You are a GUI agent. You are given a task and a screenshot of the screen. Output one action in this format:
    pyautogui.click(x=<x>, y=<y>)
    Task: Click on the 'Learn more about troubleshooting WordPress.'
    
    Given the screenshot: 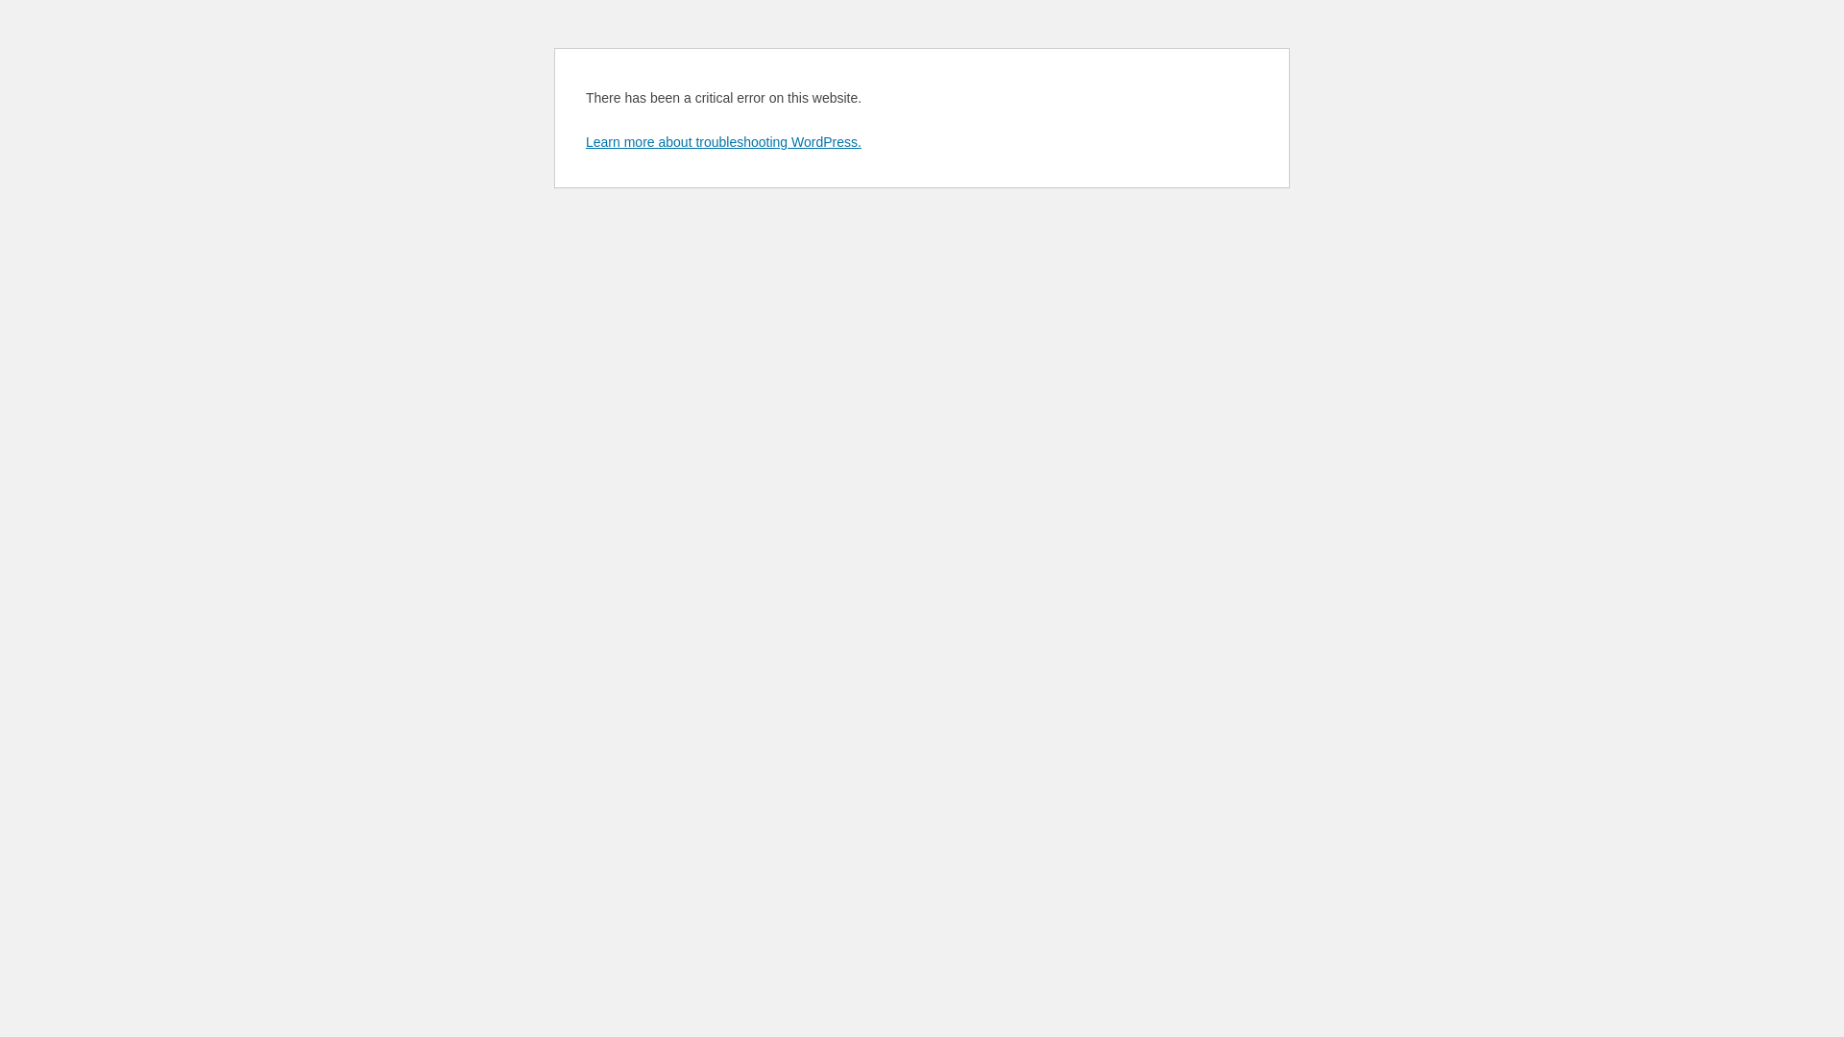 What is the action you would take?
    pyautogui.click(x=722, y=140)
    